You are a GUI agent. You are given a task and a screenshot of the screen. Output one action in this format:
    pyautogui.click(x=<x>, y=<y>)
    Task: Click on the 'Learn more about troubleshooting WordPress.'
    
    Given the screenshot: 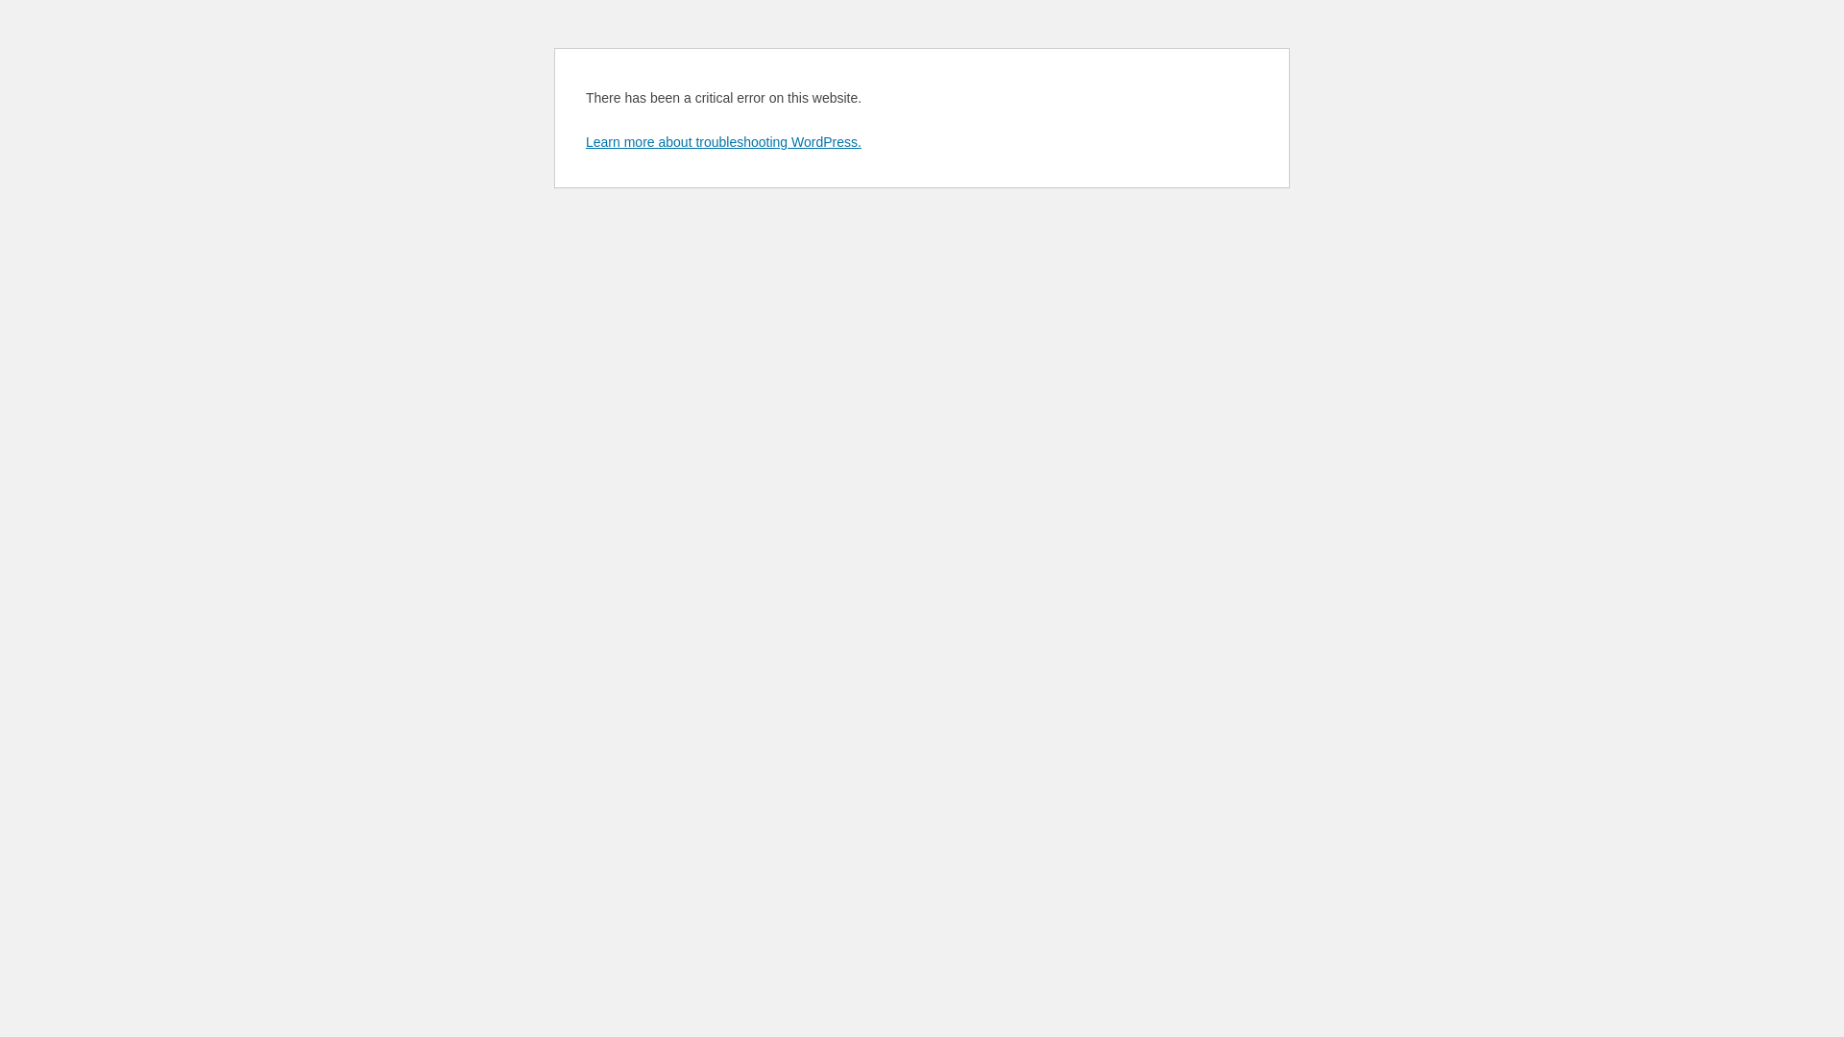 What is the action you would take?
    pyautogui.click(x=722, y=140)
    